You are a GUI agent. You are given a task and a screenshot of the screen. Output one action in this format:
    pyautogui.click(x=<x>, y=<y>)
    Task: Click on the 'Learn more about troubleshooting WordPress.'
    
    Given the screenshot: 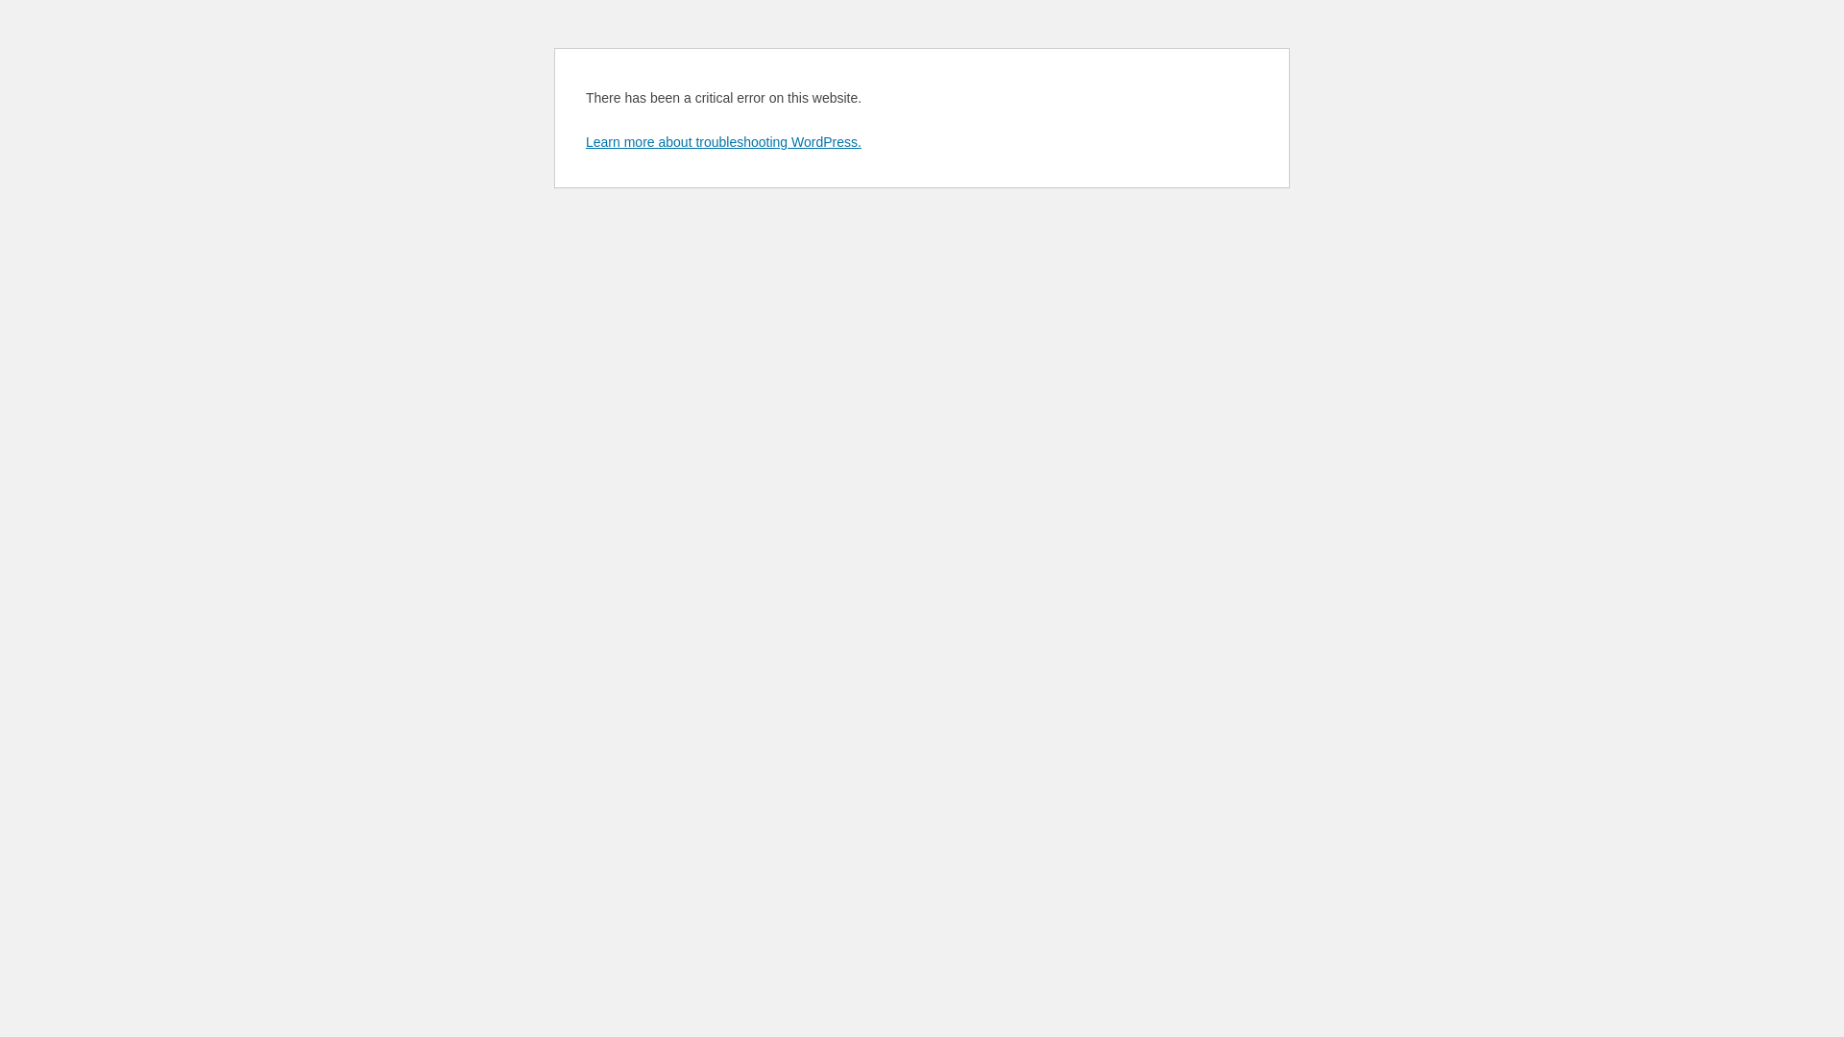 What is the action you would take?
    pyautogui.click(x=722, y=140)
    